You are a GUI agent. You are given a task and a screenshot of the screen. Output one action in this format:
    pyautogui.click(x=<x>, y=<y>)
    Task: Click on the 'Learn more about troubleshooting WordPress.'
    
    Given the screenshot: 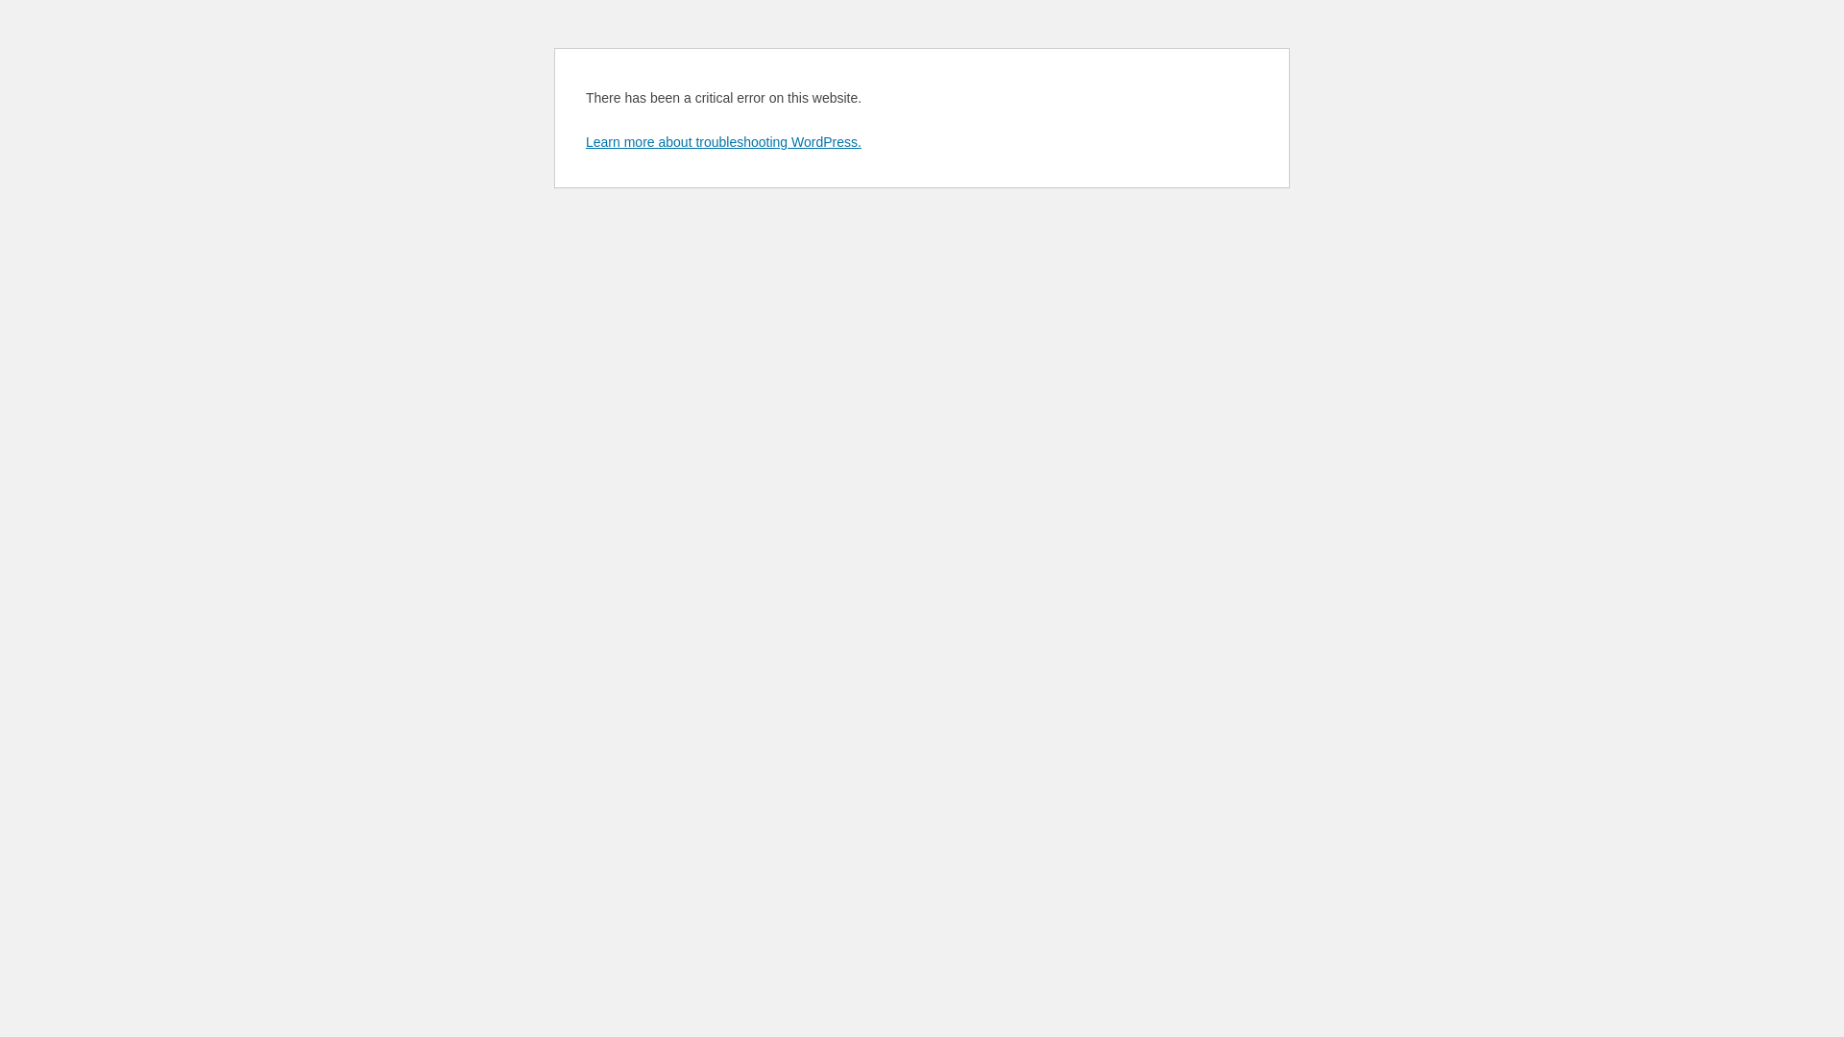 What is the action you would take?
    pyautogui.click(x=722, y=140)
    